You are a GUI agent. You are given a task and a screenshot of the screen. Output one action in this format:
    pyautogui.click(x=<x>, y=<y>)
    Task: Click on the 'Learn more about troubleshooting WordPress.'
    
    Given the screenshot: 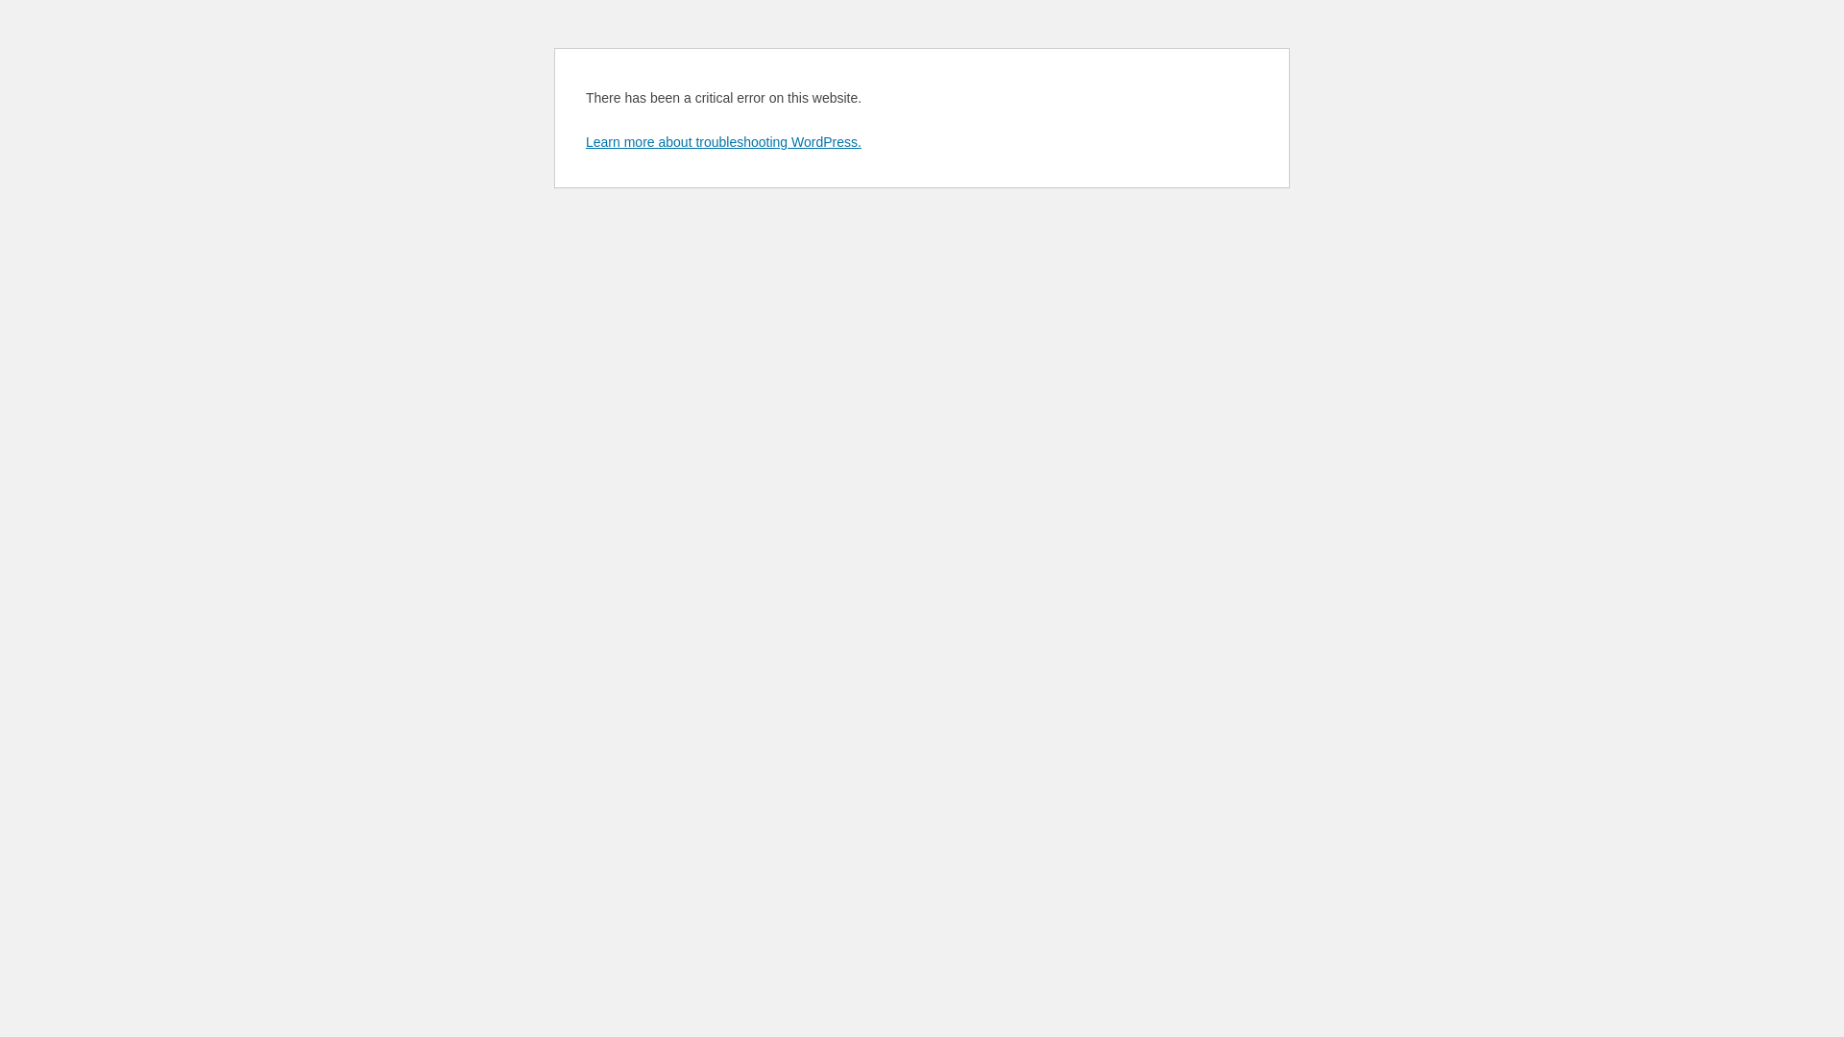 What is the action you would take?
    pyautogui.click(x=722, y=140)
    